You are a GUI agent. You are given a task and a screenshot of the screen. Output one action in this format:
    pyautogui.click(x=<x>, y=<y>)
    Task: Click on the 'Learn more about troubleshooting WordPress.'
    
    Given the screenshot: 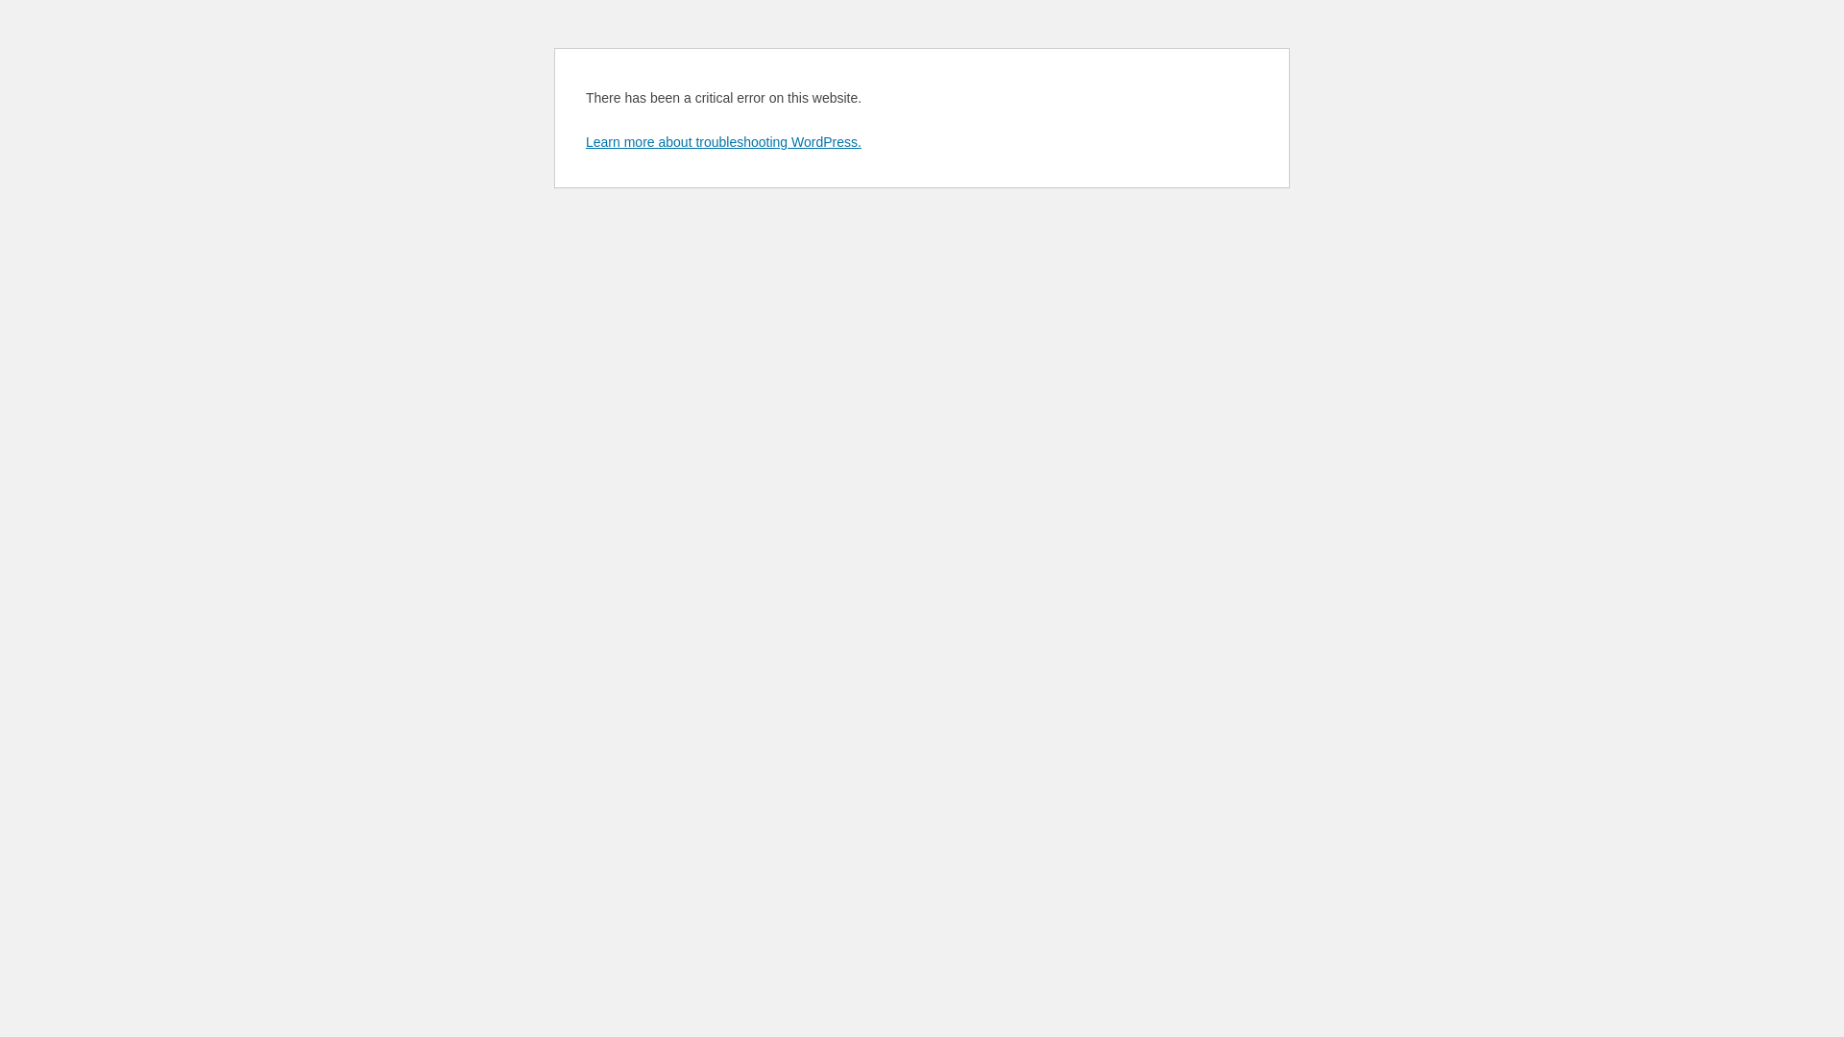 What is the action you would take?
    pyautogui.click(x=722, y=140)
    